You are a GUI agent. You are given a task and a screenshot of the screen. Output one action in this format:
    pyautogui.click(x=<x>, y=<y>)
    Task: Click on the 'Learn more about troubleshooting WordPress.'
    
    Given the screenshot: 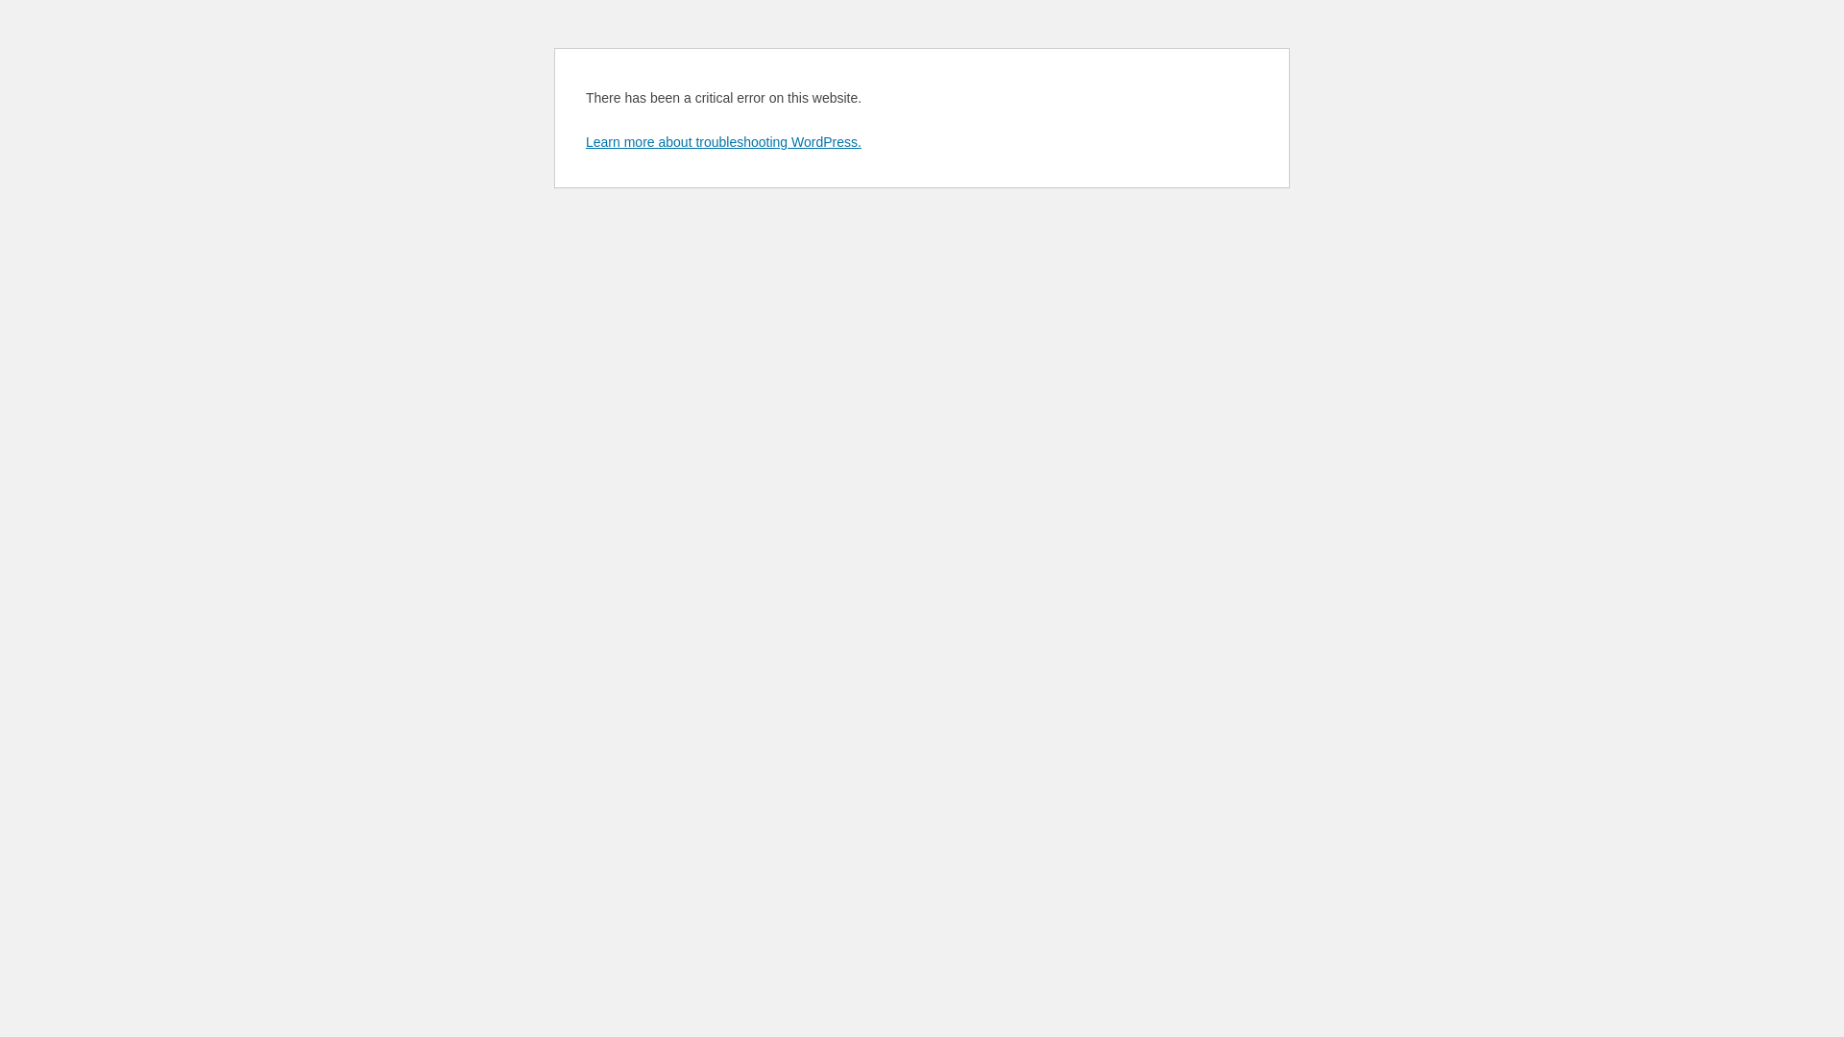 What is the action you would take?
    pyautogui.click(x=722, y=140)
    